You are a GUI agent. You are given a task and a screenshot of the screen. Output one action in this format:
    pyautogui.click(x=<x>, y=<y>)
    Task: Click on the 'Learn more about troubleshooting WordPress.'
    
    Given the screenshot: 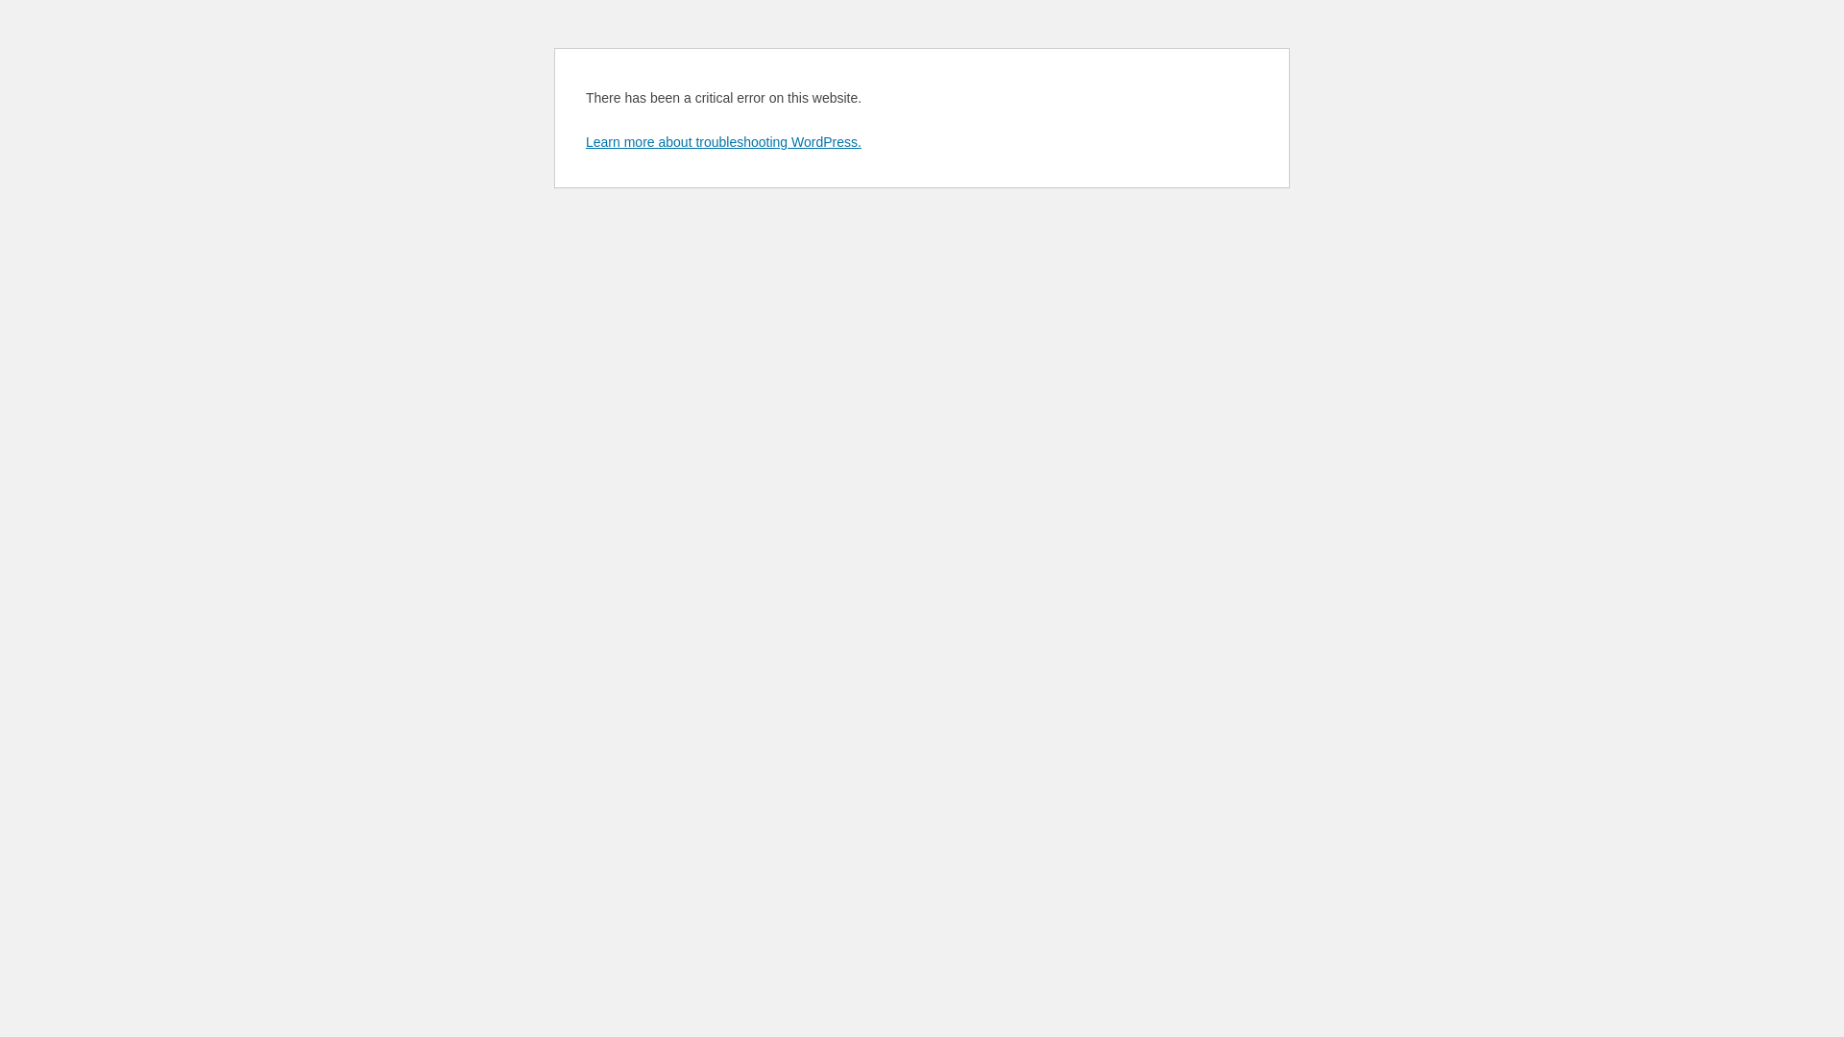 What is the action you would take?
    pyautogui.click(x=722, y=140)
    